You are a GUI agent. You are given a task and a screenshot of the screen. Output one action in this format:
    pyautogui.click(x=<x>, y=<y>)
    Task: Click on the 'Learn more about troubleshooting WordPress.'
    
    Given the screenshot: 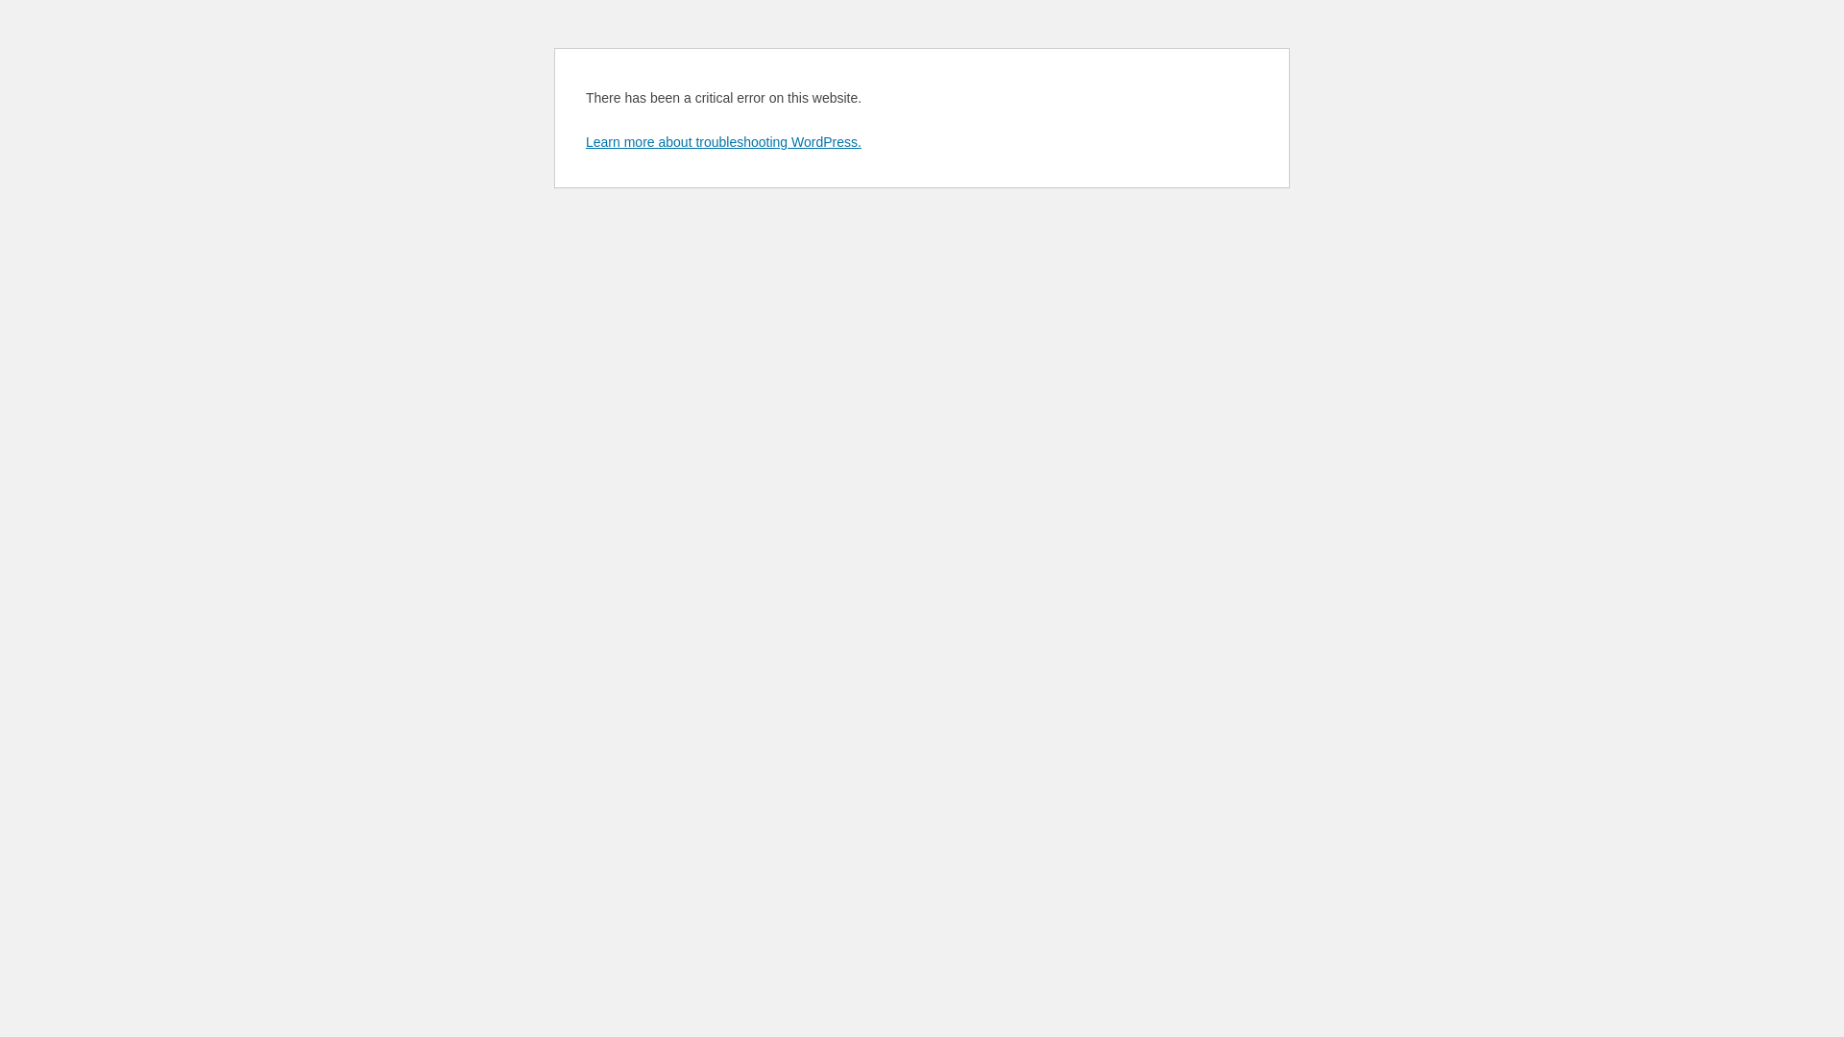 What is the action you would take?
    pyautogui.click(x=722, y=140)
    